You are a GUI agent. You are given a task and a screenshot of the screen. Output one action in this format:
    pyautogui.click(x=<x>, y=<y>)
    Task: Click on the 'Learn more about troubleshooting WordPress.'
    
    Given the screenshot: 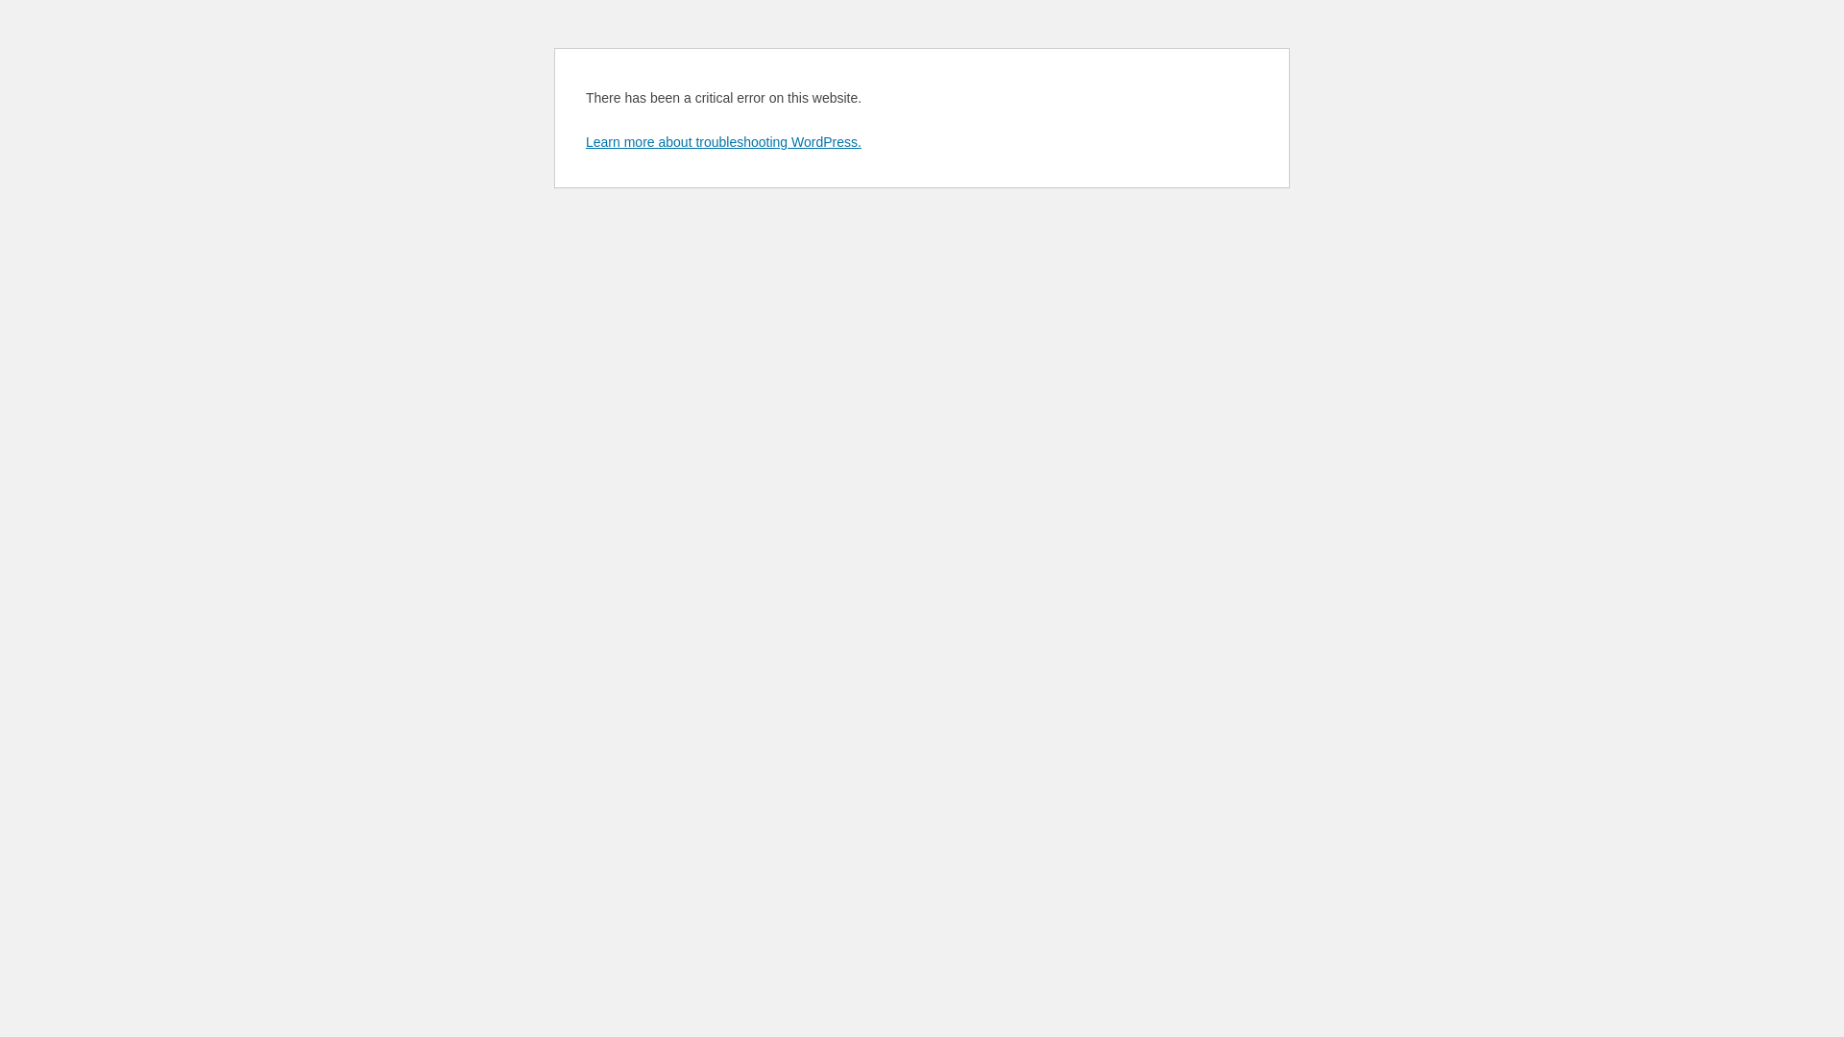 What is the action you would take?
    pyautogui.click(x=722, y=140)
    